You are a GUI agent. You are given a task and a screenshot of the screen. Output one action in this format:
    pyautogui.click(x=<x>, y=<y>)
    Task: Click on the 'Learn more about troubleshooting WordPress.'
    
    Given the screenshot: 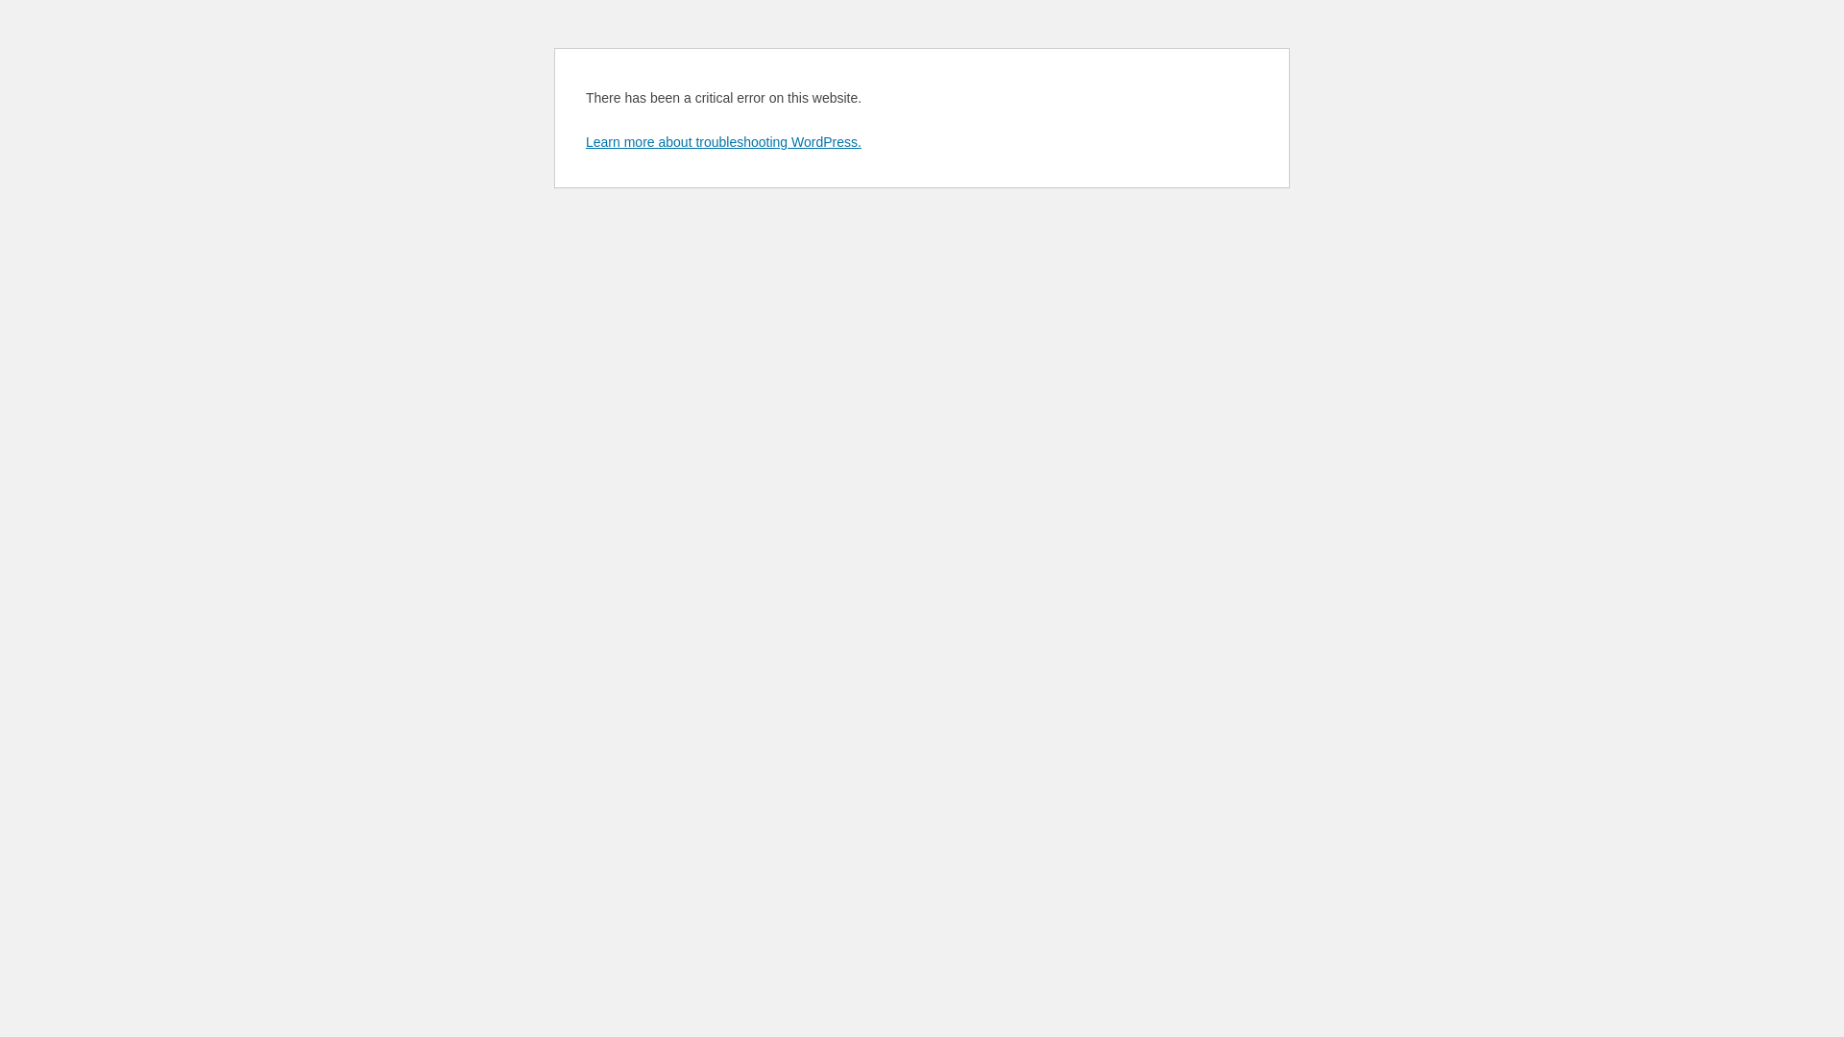 What is the action you would take?
    pyautogui.click(x=722, y=140)
    